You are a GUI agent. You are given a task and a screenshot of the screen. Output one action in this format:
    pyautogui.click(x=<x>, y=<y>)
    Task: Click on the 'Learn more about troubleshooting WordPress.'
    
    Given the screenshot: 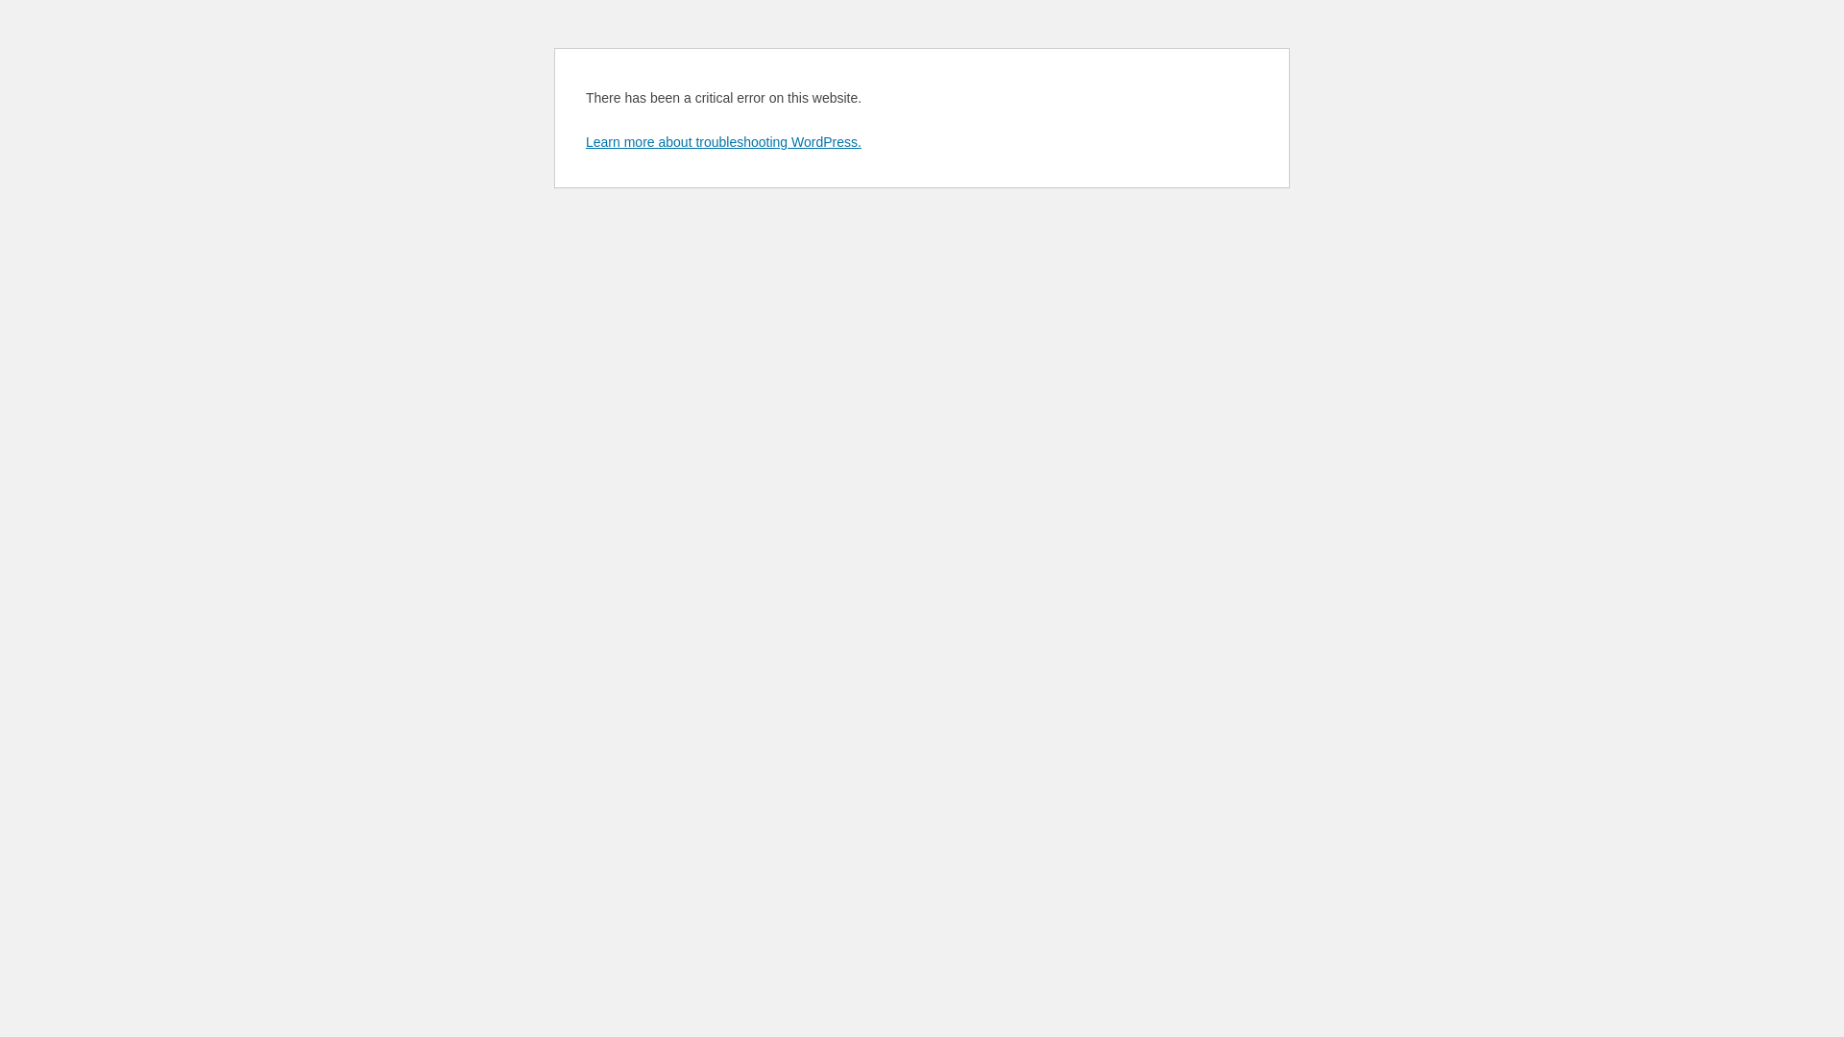 What is the action you would take?
    pyautogui.click(x=722, y=140)
    